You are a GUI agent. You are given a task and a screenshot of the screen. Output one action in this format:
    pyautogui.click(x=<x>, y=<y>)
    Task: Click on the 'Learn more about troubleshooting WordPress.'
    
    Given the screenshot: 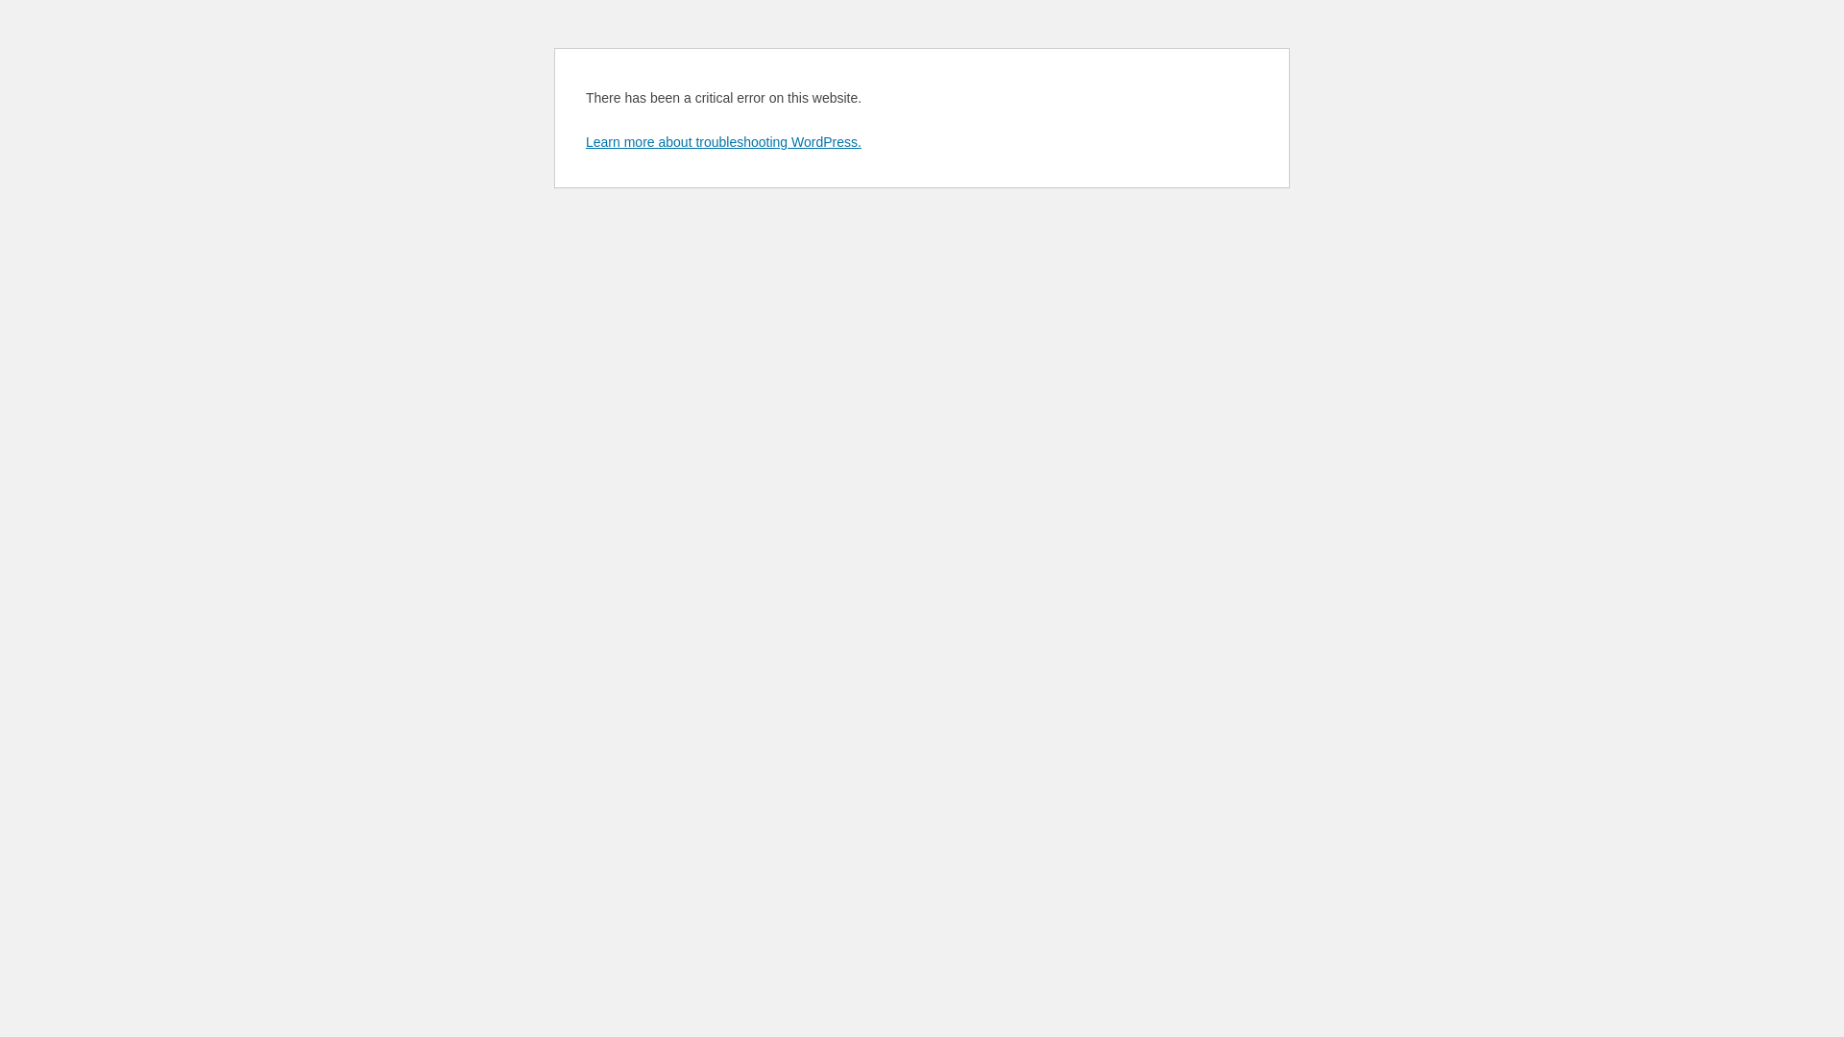 What is the action you would take?
    pyautogui.click(x=722, y=140)
    